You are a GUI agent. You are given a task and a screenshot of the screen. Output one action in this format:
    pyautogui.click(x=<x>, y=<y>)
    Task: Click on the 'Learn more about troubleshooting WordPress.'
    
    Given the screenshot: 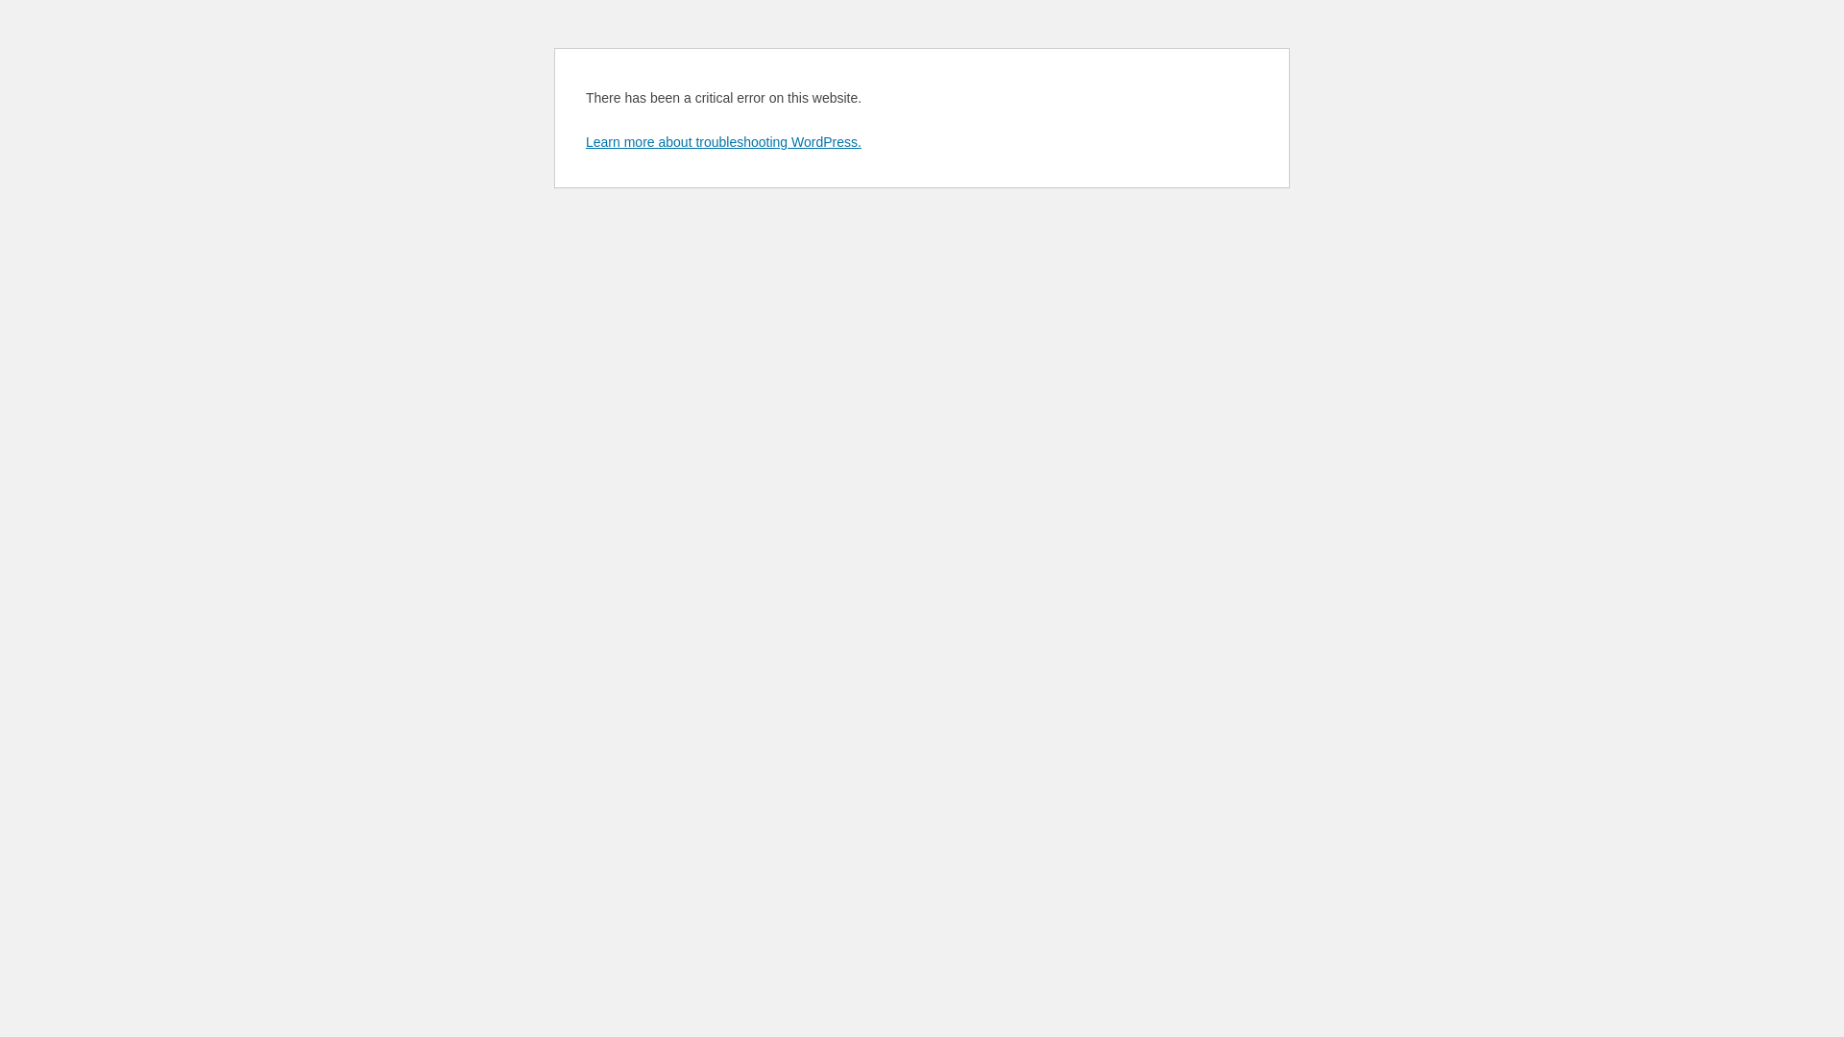 What is the action you would take?
    pyautogui.click(x=722, y=140)
    